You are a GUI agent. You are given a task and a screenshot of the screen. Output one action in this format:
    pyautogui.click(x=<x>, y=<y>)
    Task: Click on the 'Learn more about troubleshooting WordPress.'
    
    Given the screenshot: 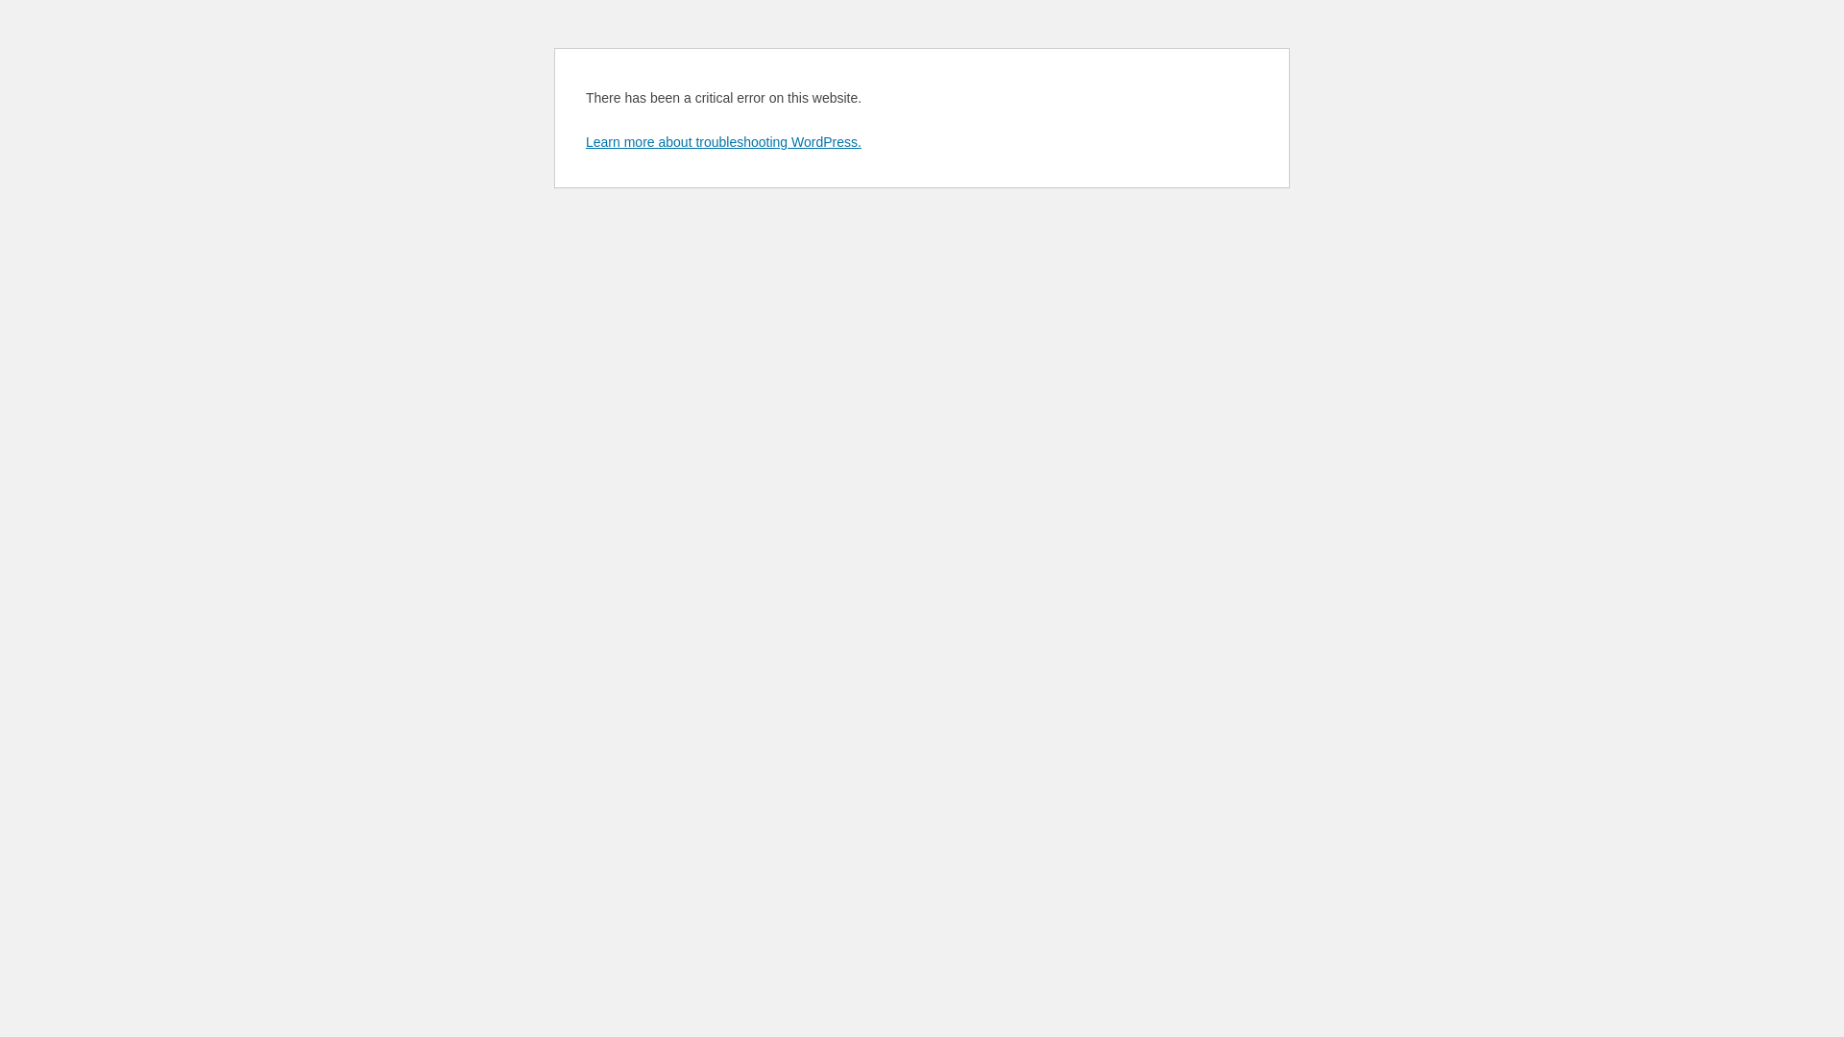 What is the action you would take?
    pyautogui.click(x=722, y=140)
    